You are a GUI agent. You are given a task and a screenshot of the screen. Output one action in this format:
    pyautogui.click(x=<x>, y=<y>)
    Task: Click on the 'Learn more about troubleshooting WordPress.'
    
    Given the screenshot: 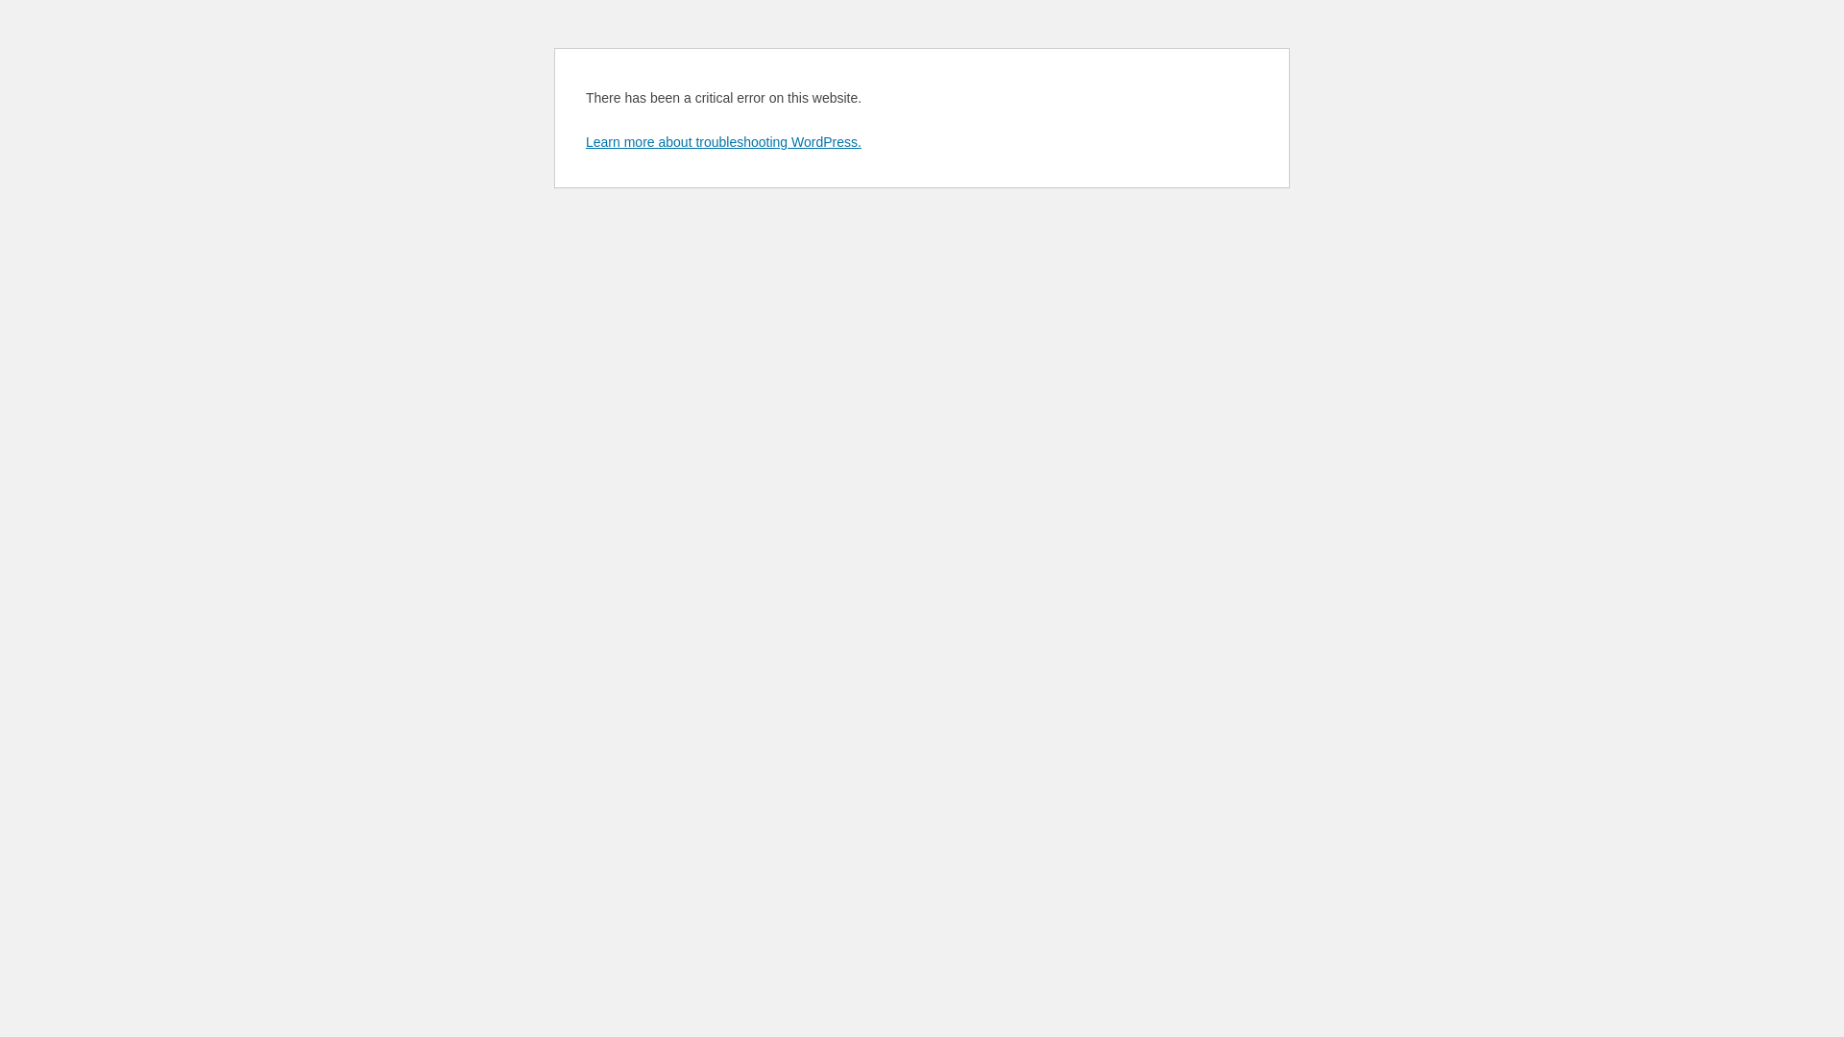 What is the action you would take?
    pyautogui.click(x=722, y=140)
    